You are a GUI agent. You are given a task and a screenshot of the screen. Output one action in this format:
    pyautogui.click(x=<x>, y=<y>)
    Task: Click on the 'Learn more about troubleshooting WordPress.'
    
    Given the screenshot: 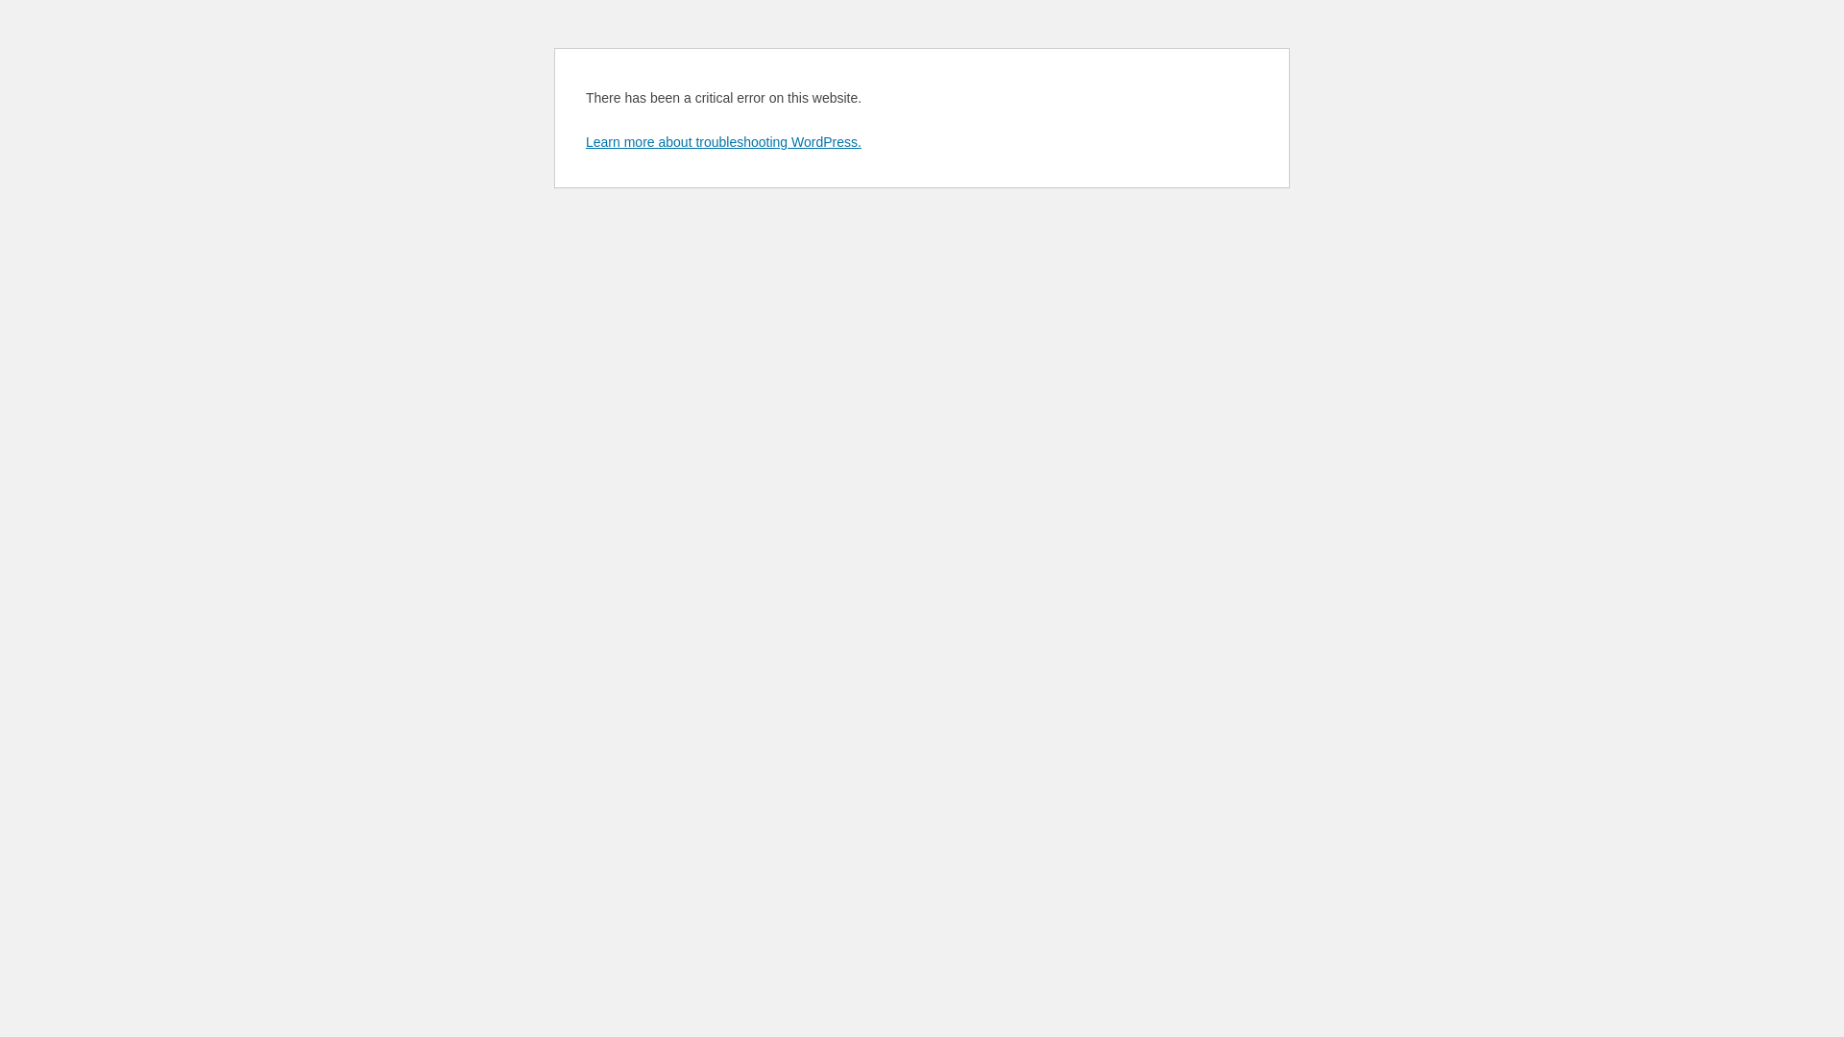 What is the action you would take?
    pyautogui.click(x=722, y=140)
    